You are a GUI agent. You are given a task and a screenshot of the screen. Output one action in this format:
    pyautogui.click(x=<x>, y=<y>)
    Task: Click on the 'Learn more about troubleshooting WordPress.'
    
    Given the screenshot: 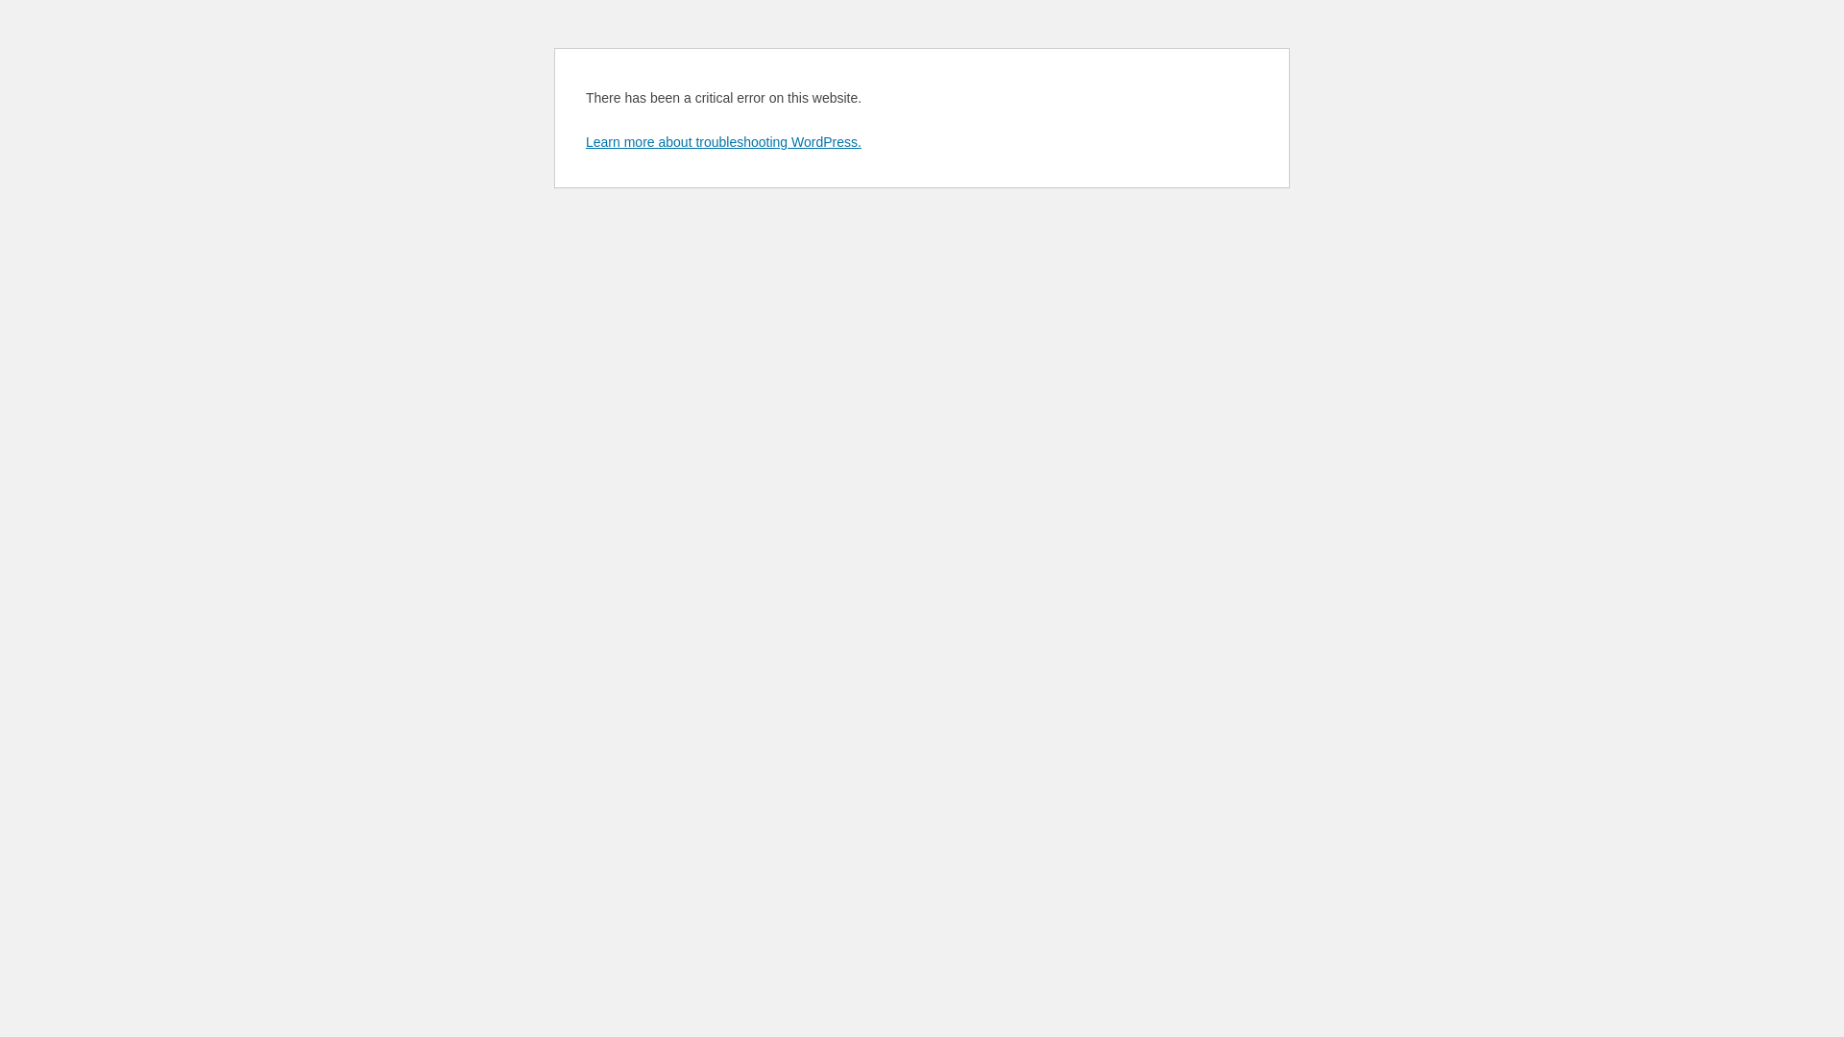 What is the action you would take?
    pyautogui.click(x=722, y=140)
    